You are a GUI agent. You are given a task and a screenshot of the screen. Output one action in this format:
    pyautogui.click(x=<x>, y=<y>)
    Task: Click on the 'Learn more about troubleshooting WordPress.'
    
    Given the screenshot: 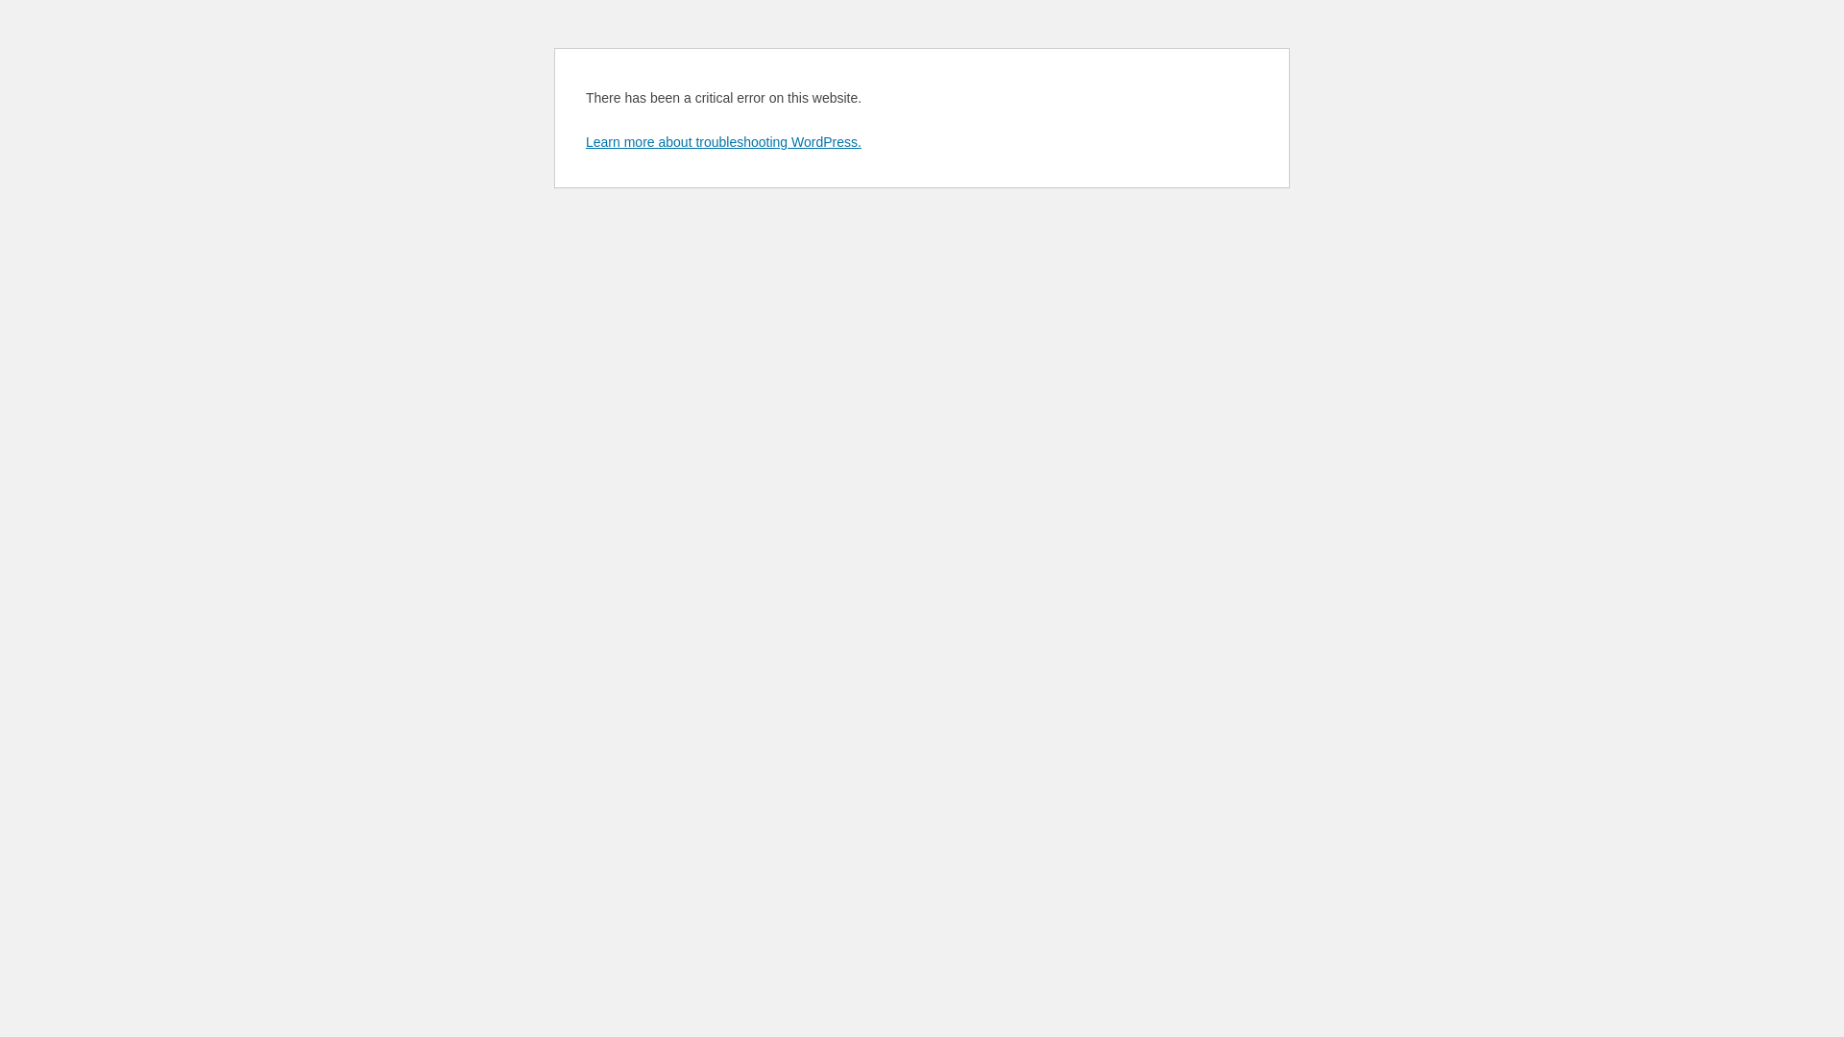 What is the action you would take?
    pyautogui.click(x=722, y=140)
    